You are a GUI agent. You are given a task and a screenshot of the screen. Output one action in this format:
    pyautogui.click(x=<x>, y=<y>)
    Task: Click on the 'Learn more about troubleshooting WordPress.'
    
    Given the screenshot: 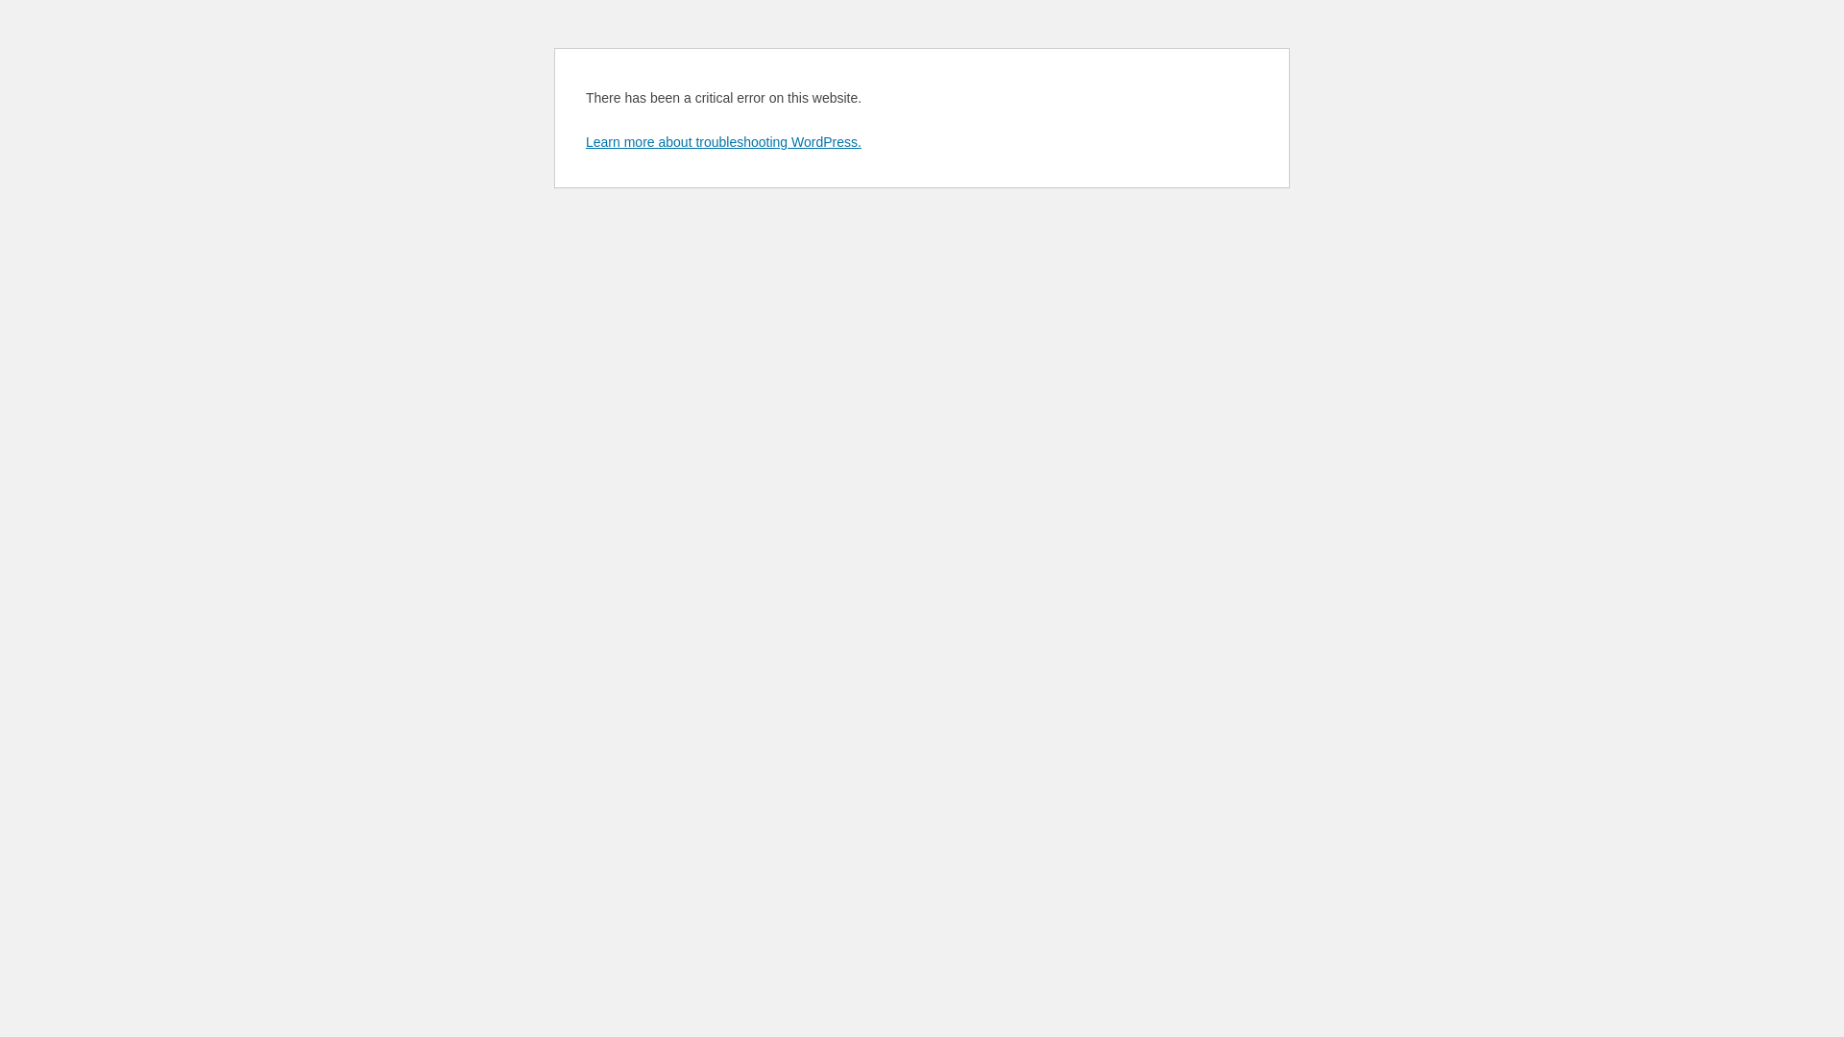 What is the action you would take?
    pyautogui.click(x=722, y=140)
    